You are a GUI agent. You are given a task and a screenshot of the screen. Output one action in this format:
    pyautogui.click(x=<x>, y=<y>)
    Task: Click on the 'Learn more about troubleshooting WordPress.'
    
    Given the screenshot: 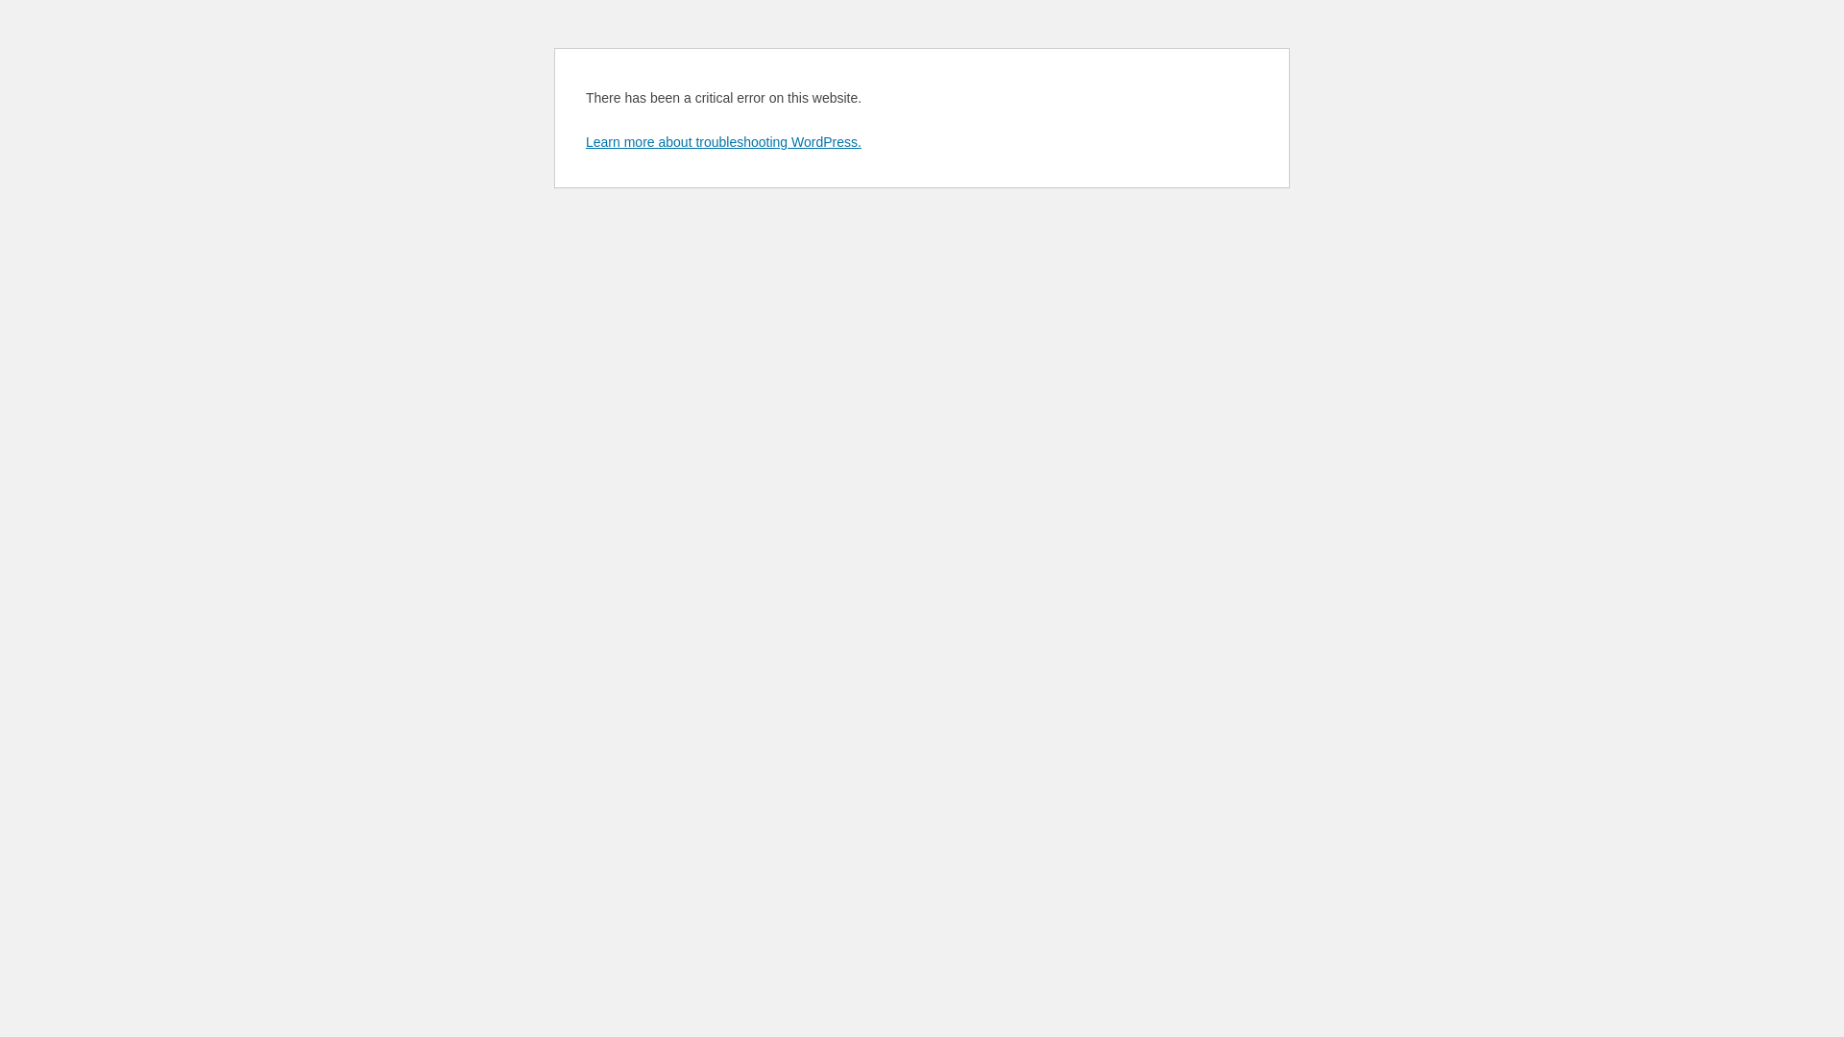 What is the action you would take?
    pyautogui.click(x=722, y=140)
    